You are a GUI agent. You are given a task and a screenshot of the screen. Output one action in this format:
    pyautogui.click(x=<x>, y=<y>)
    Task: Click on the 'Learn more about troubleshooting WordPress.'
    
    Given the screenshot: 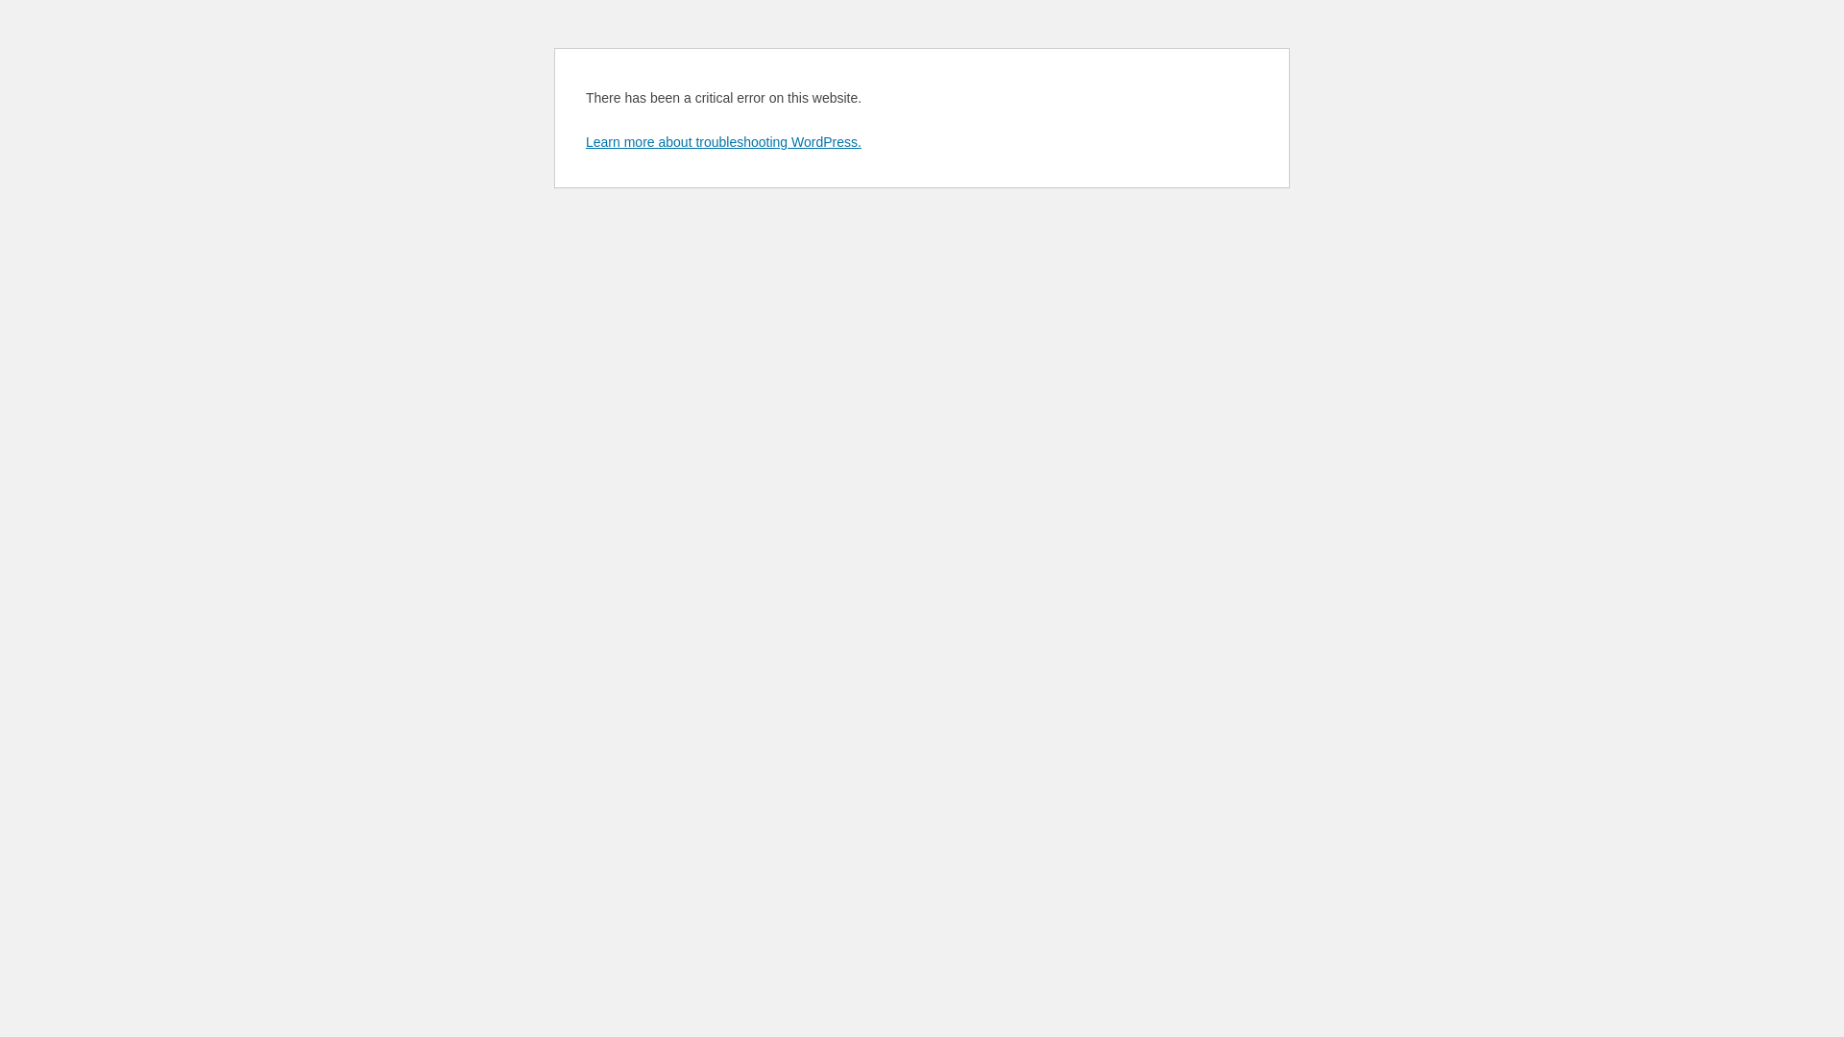 What is the action you would take?
    pyautogui.click(x=722, y=140)
    